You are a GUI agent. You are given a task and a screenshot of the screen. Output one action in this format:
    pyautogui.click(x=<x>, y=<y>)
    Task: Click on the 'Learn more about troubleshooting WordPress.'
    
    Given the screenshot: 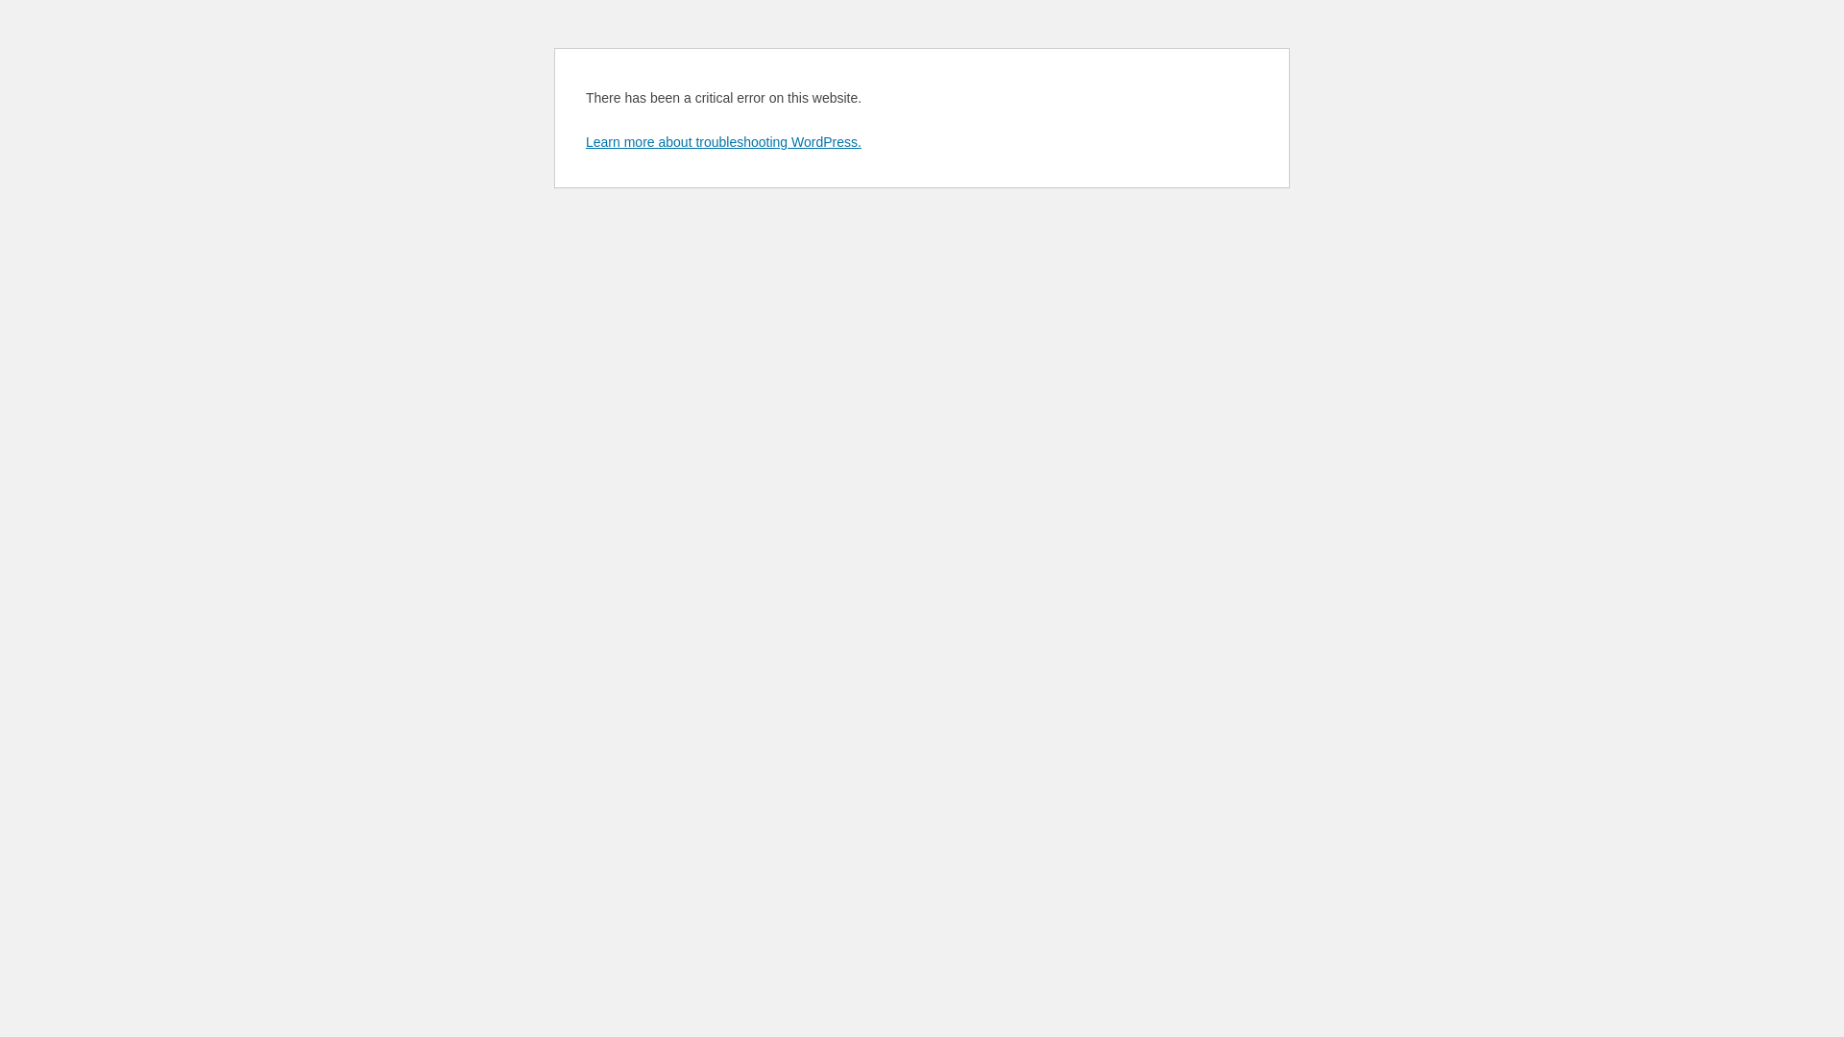 What is the action you would take?
    pyautogui.click(x=722, y=140)
    